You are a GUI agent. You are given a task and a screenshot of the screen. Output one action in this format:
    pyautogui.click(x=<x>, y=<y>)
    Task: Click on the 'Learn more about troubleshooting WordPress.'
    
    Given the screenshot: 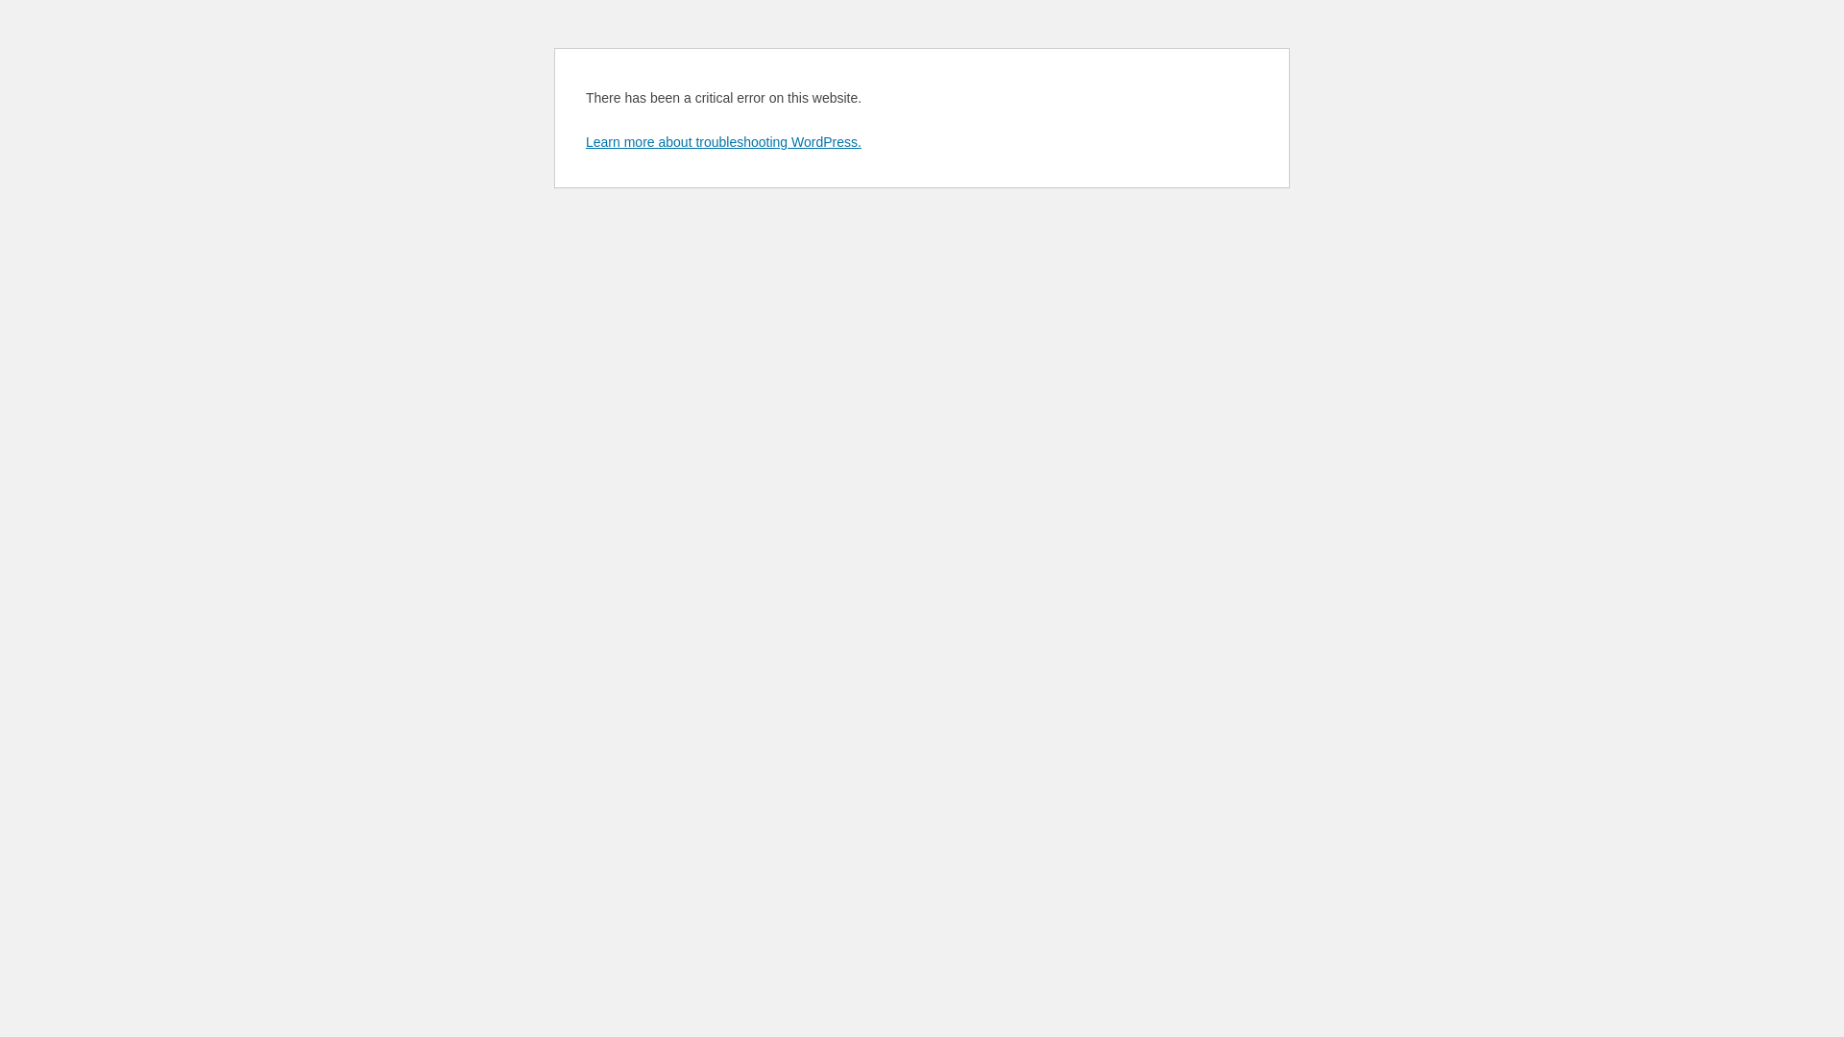 What is the action you would take?
    pyautogui.click(x=722, y=140)
    